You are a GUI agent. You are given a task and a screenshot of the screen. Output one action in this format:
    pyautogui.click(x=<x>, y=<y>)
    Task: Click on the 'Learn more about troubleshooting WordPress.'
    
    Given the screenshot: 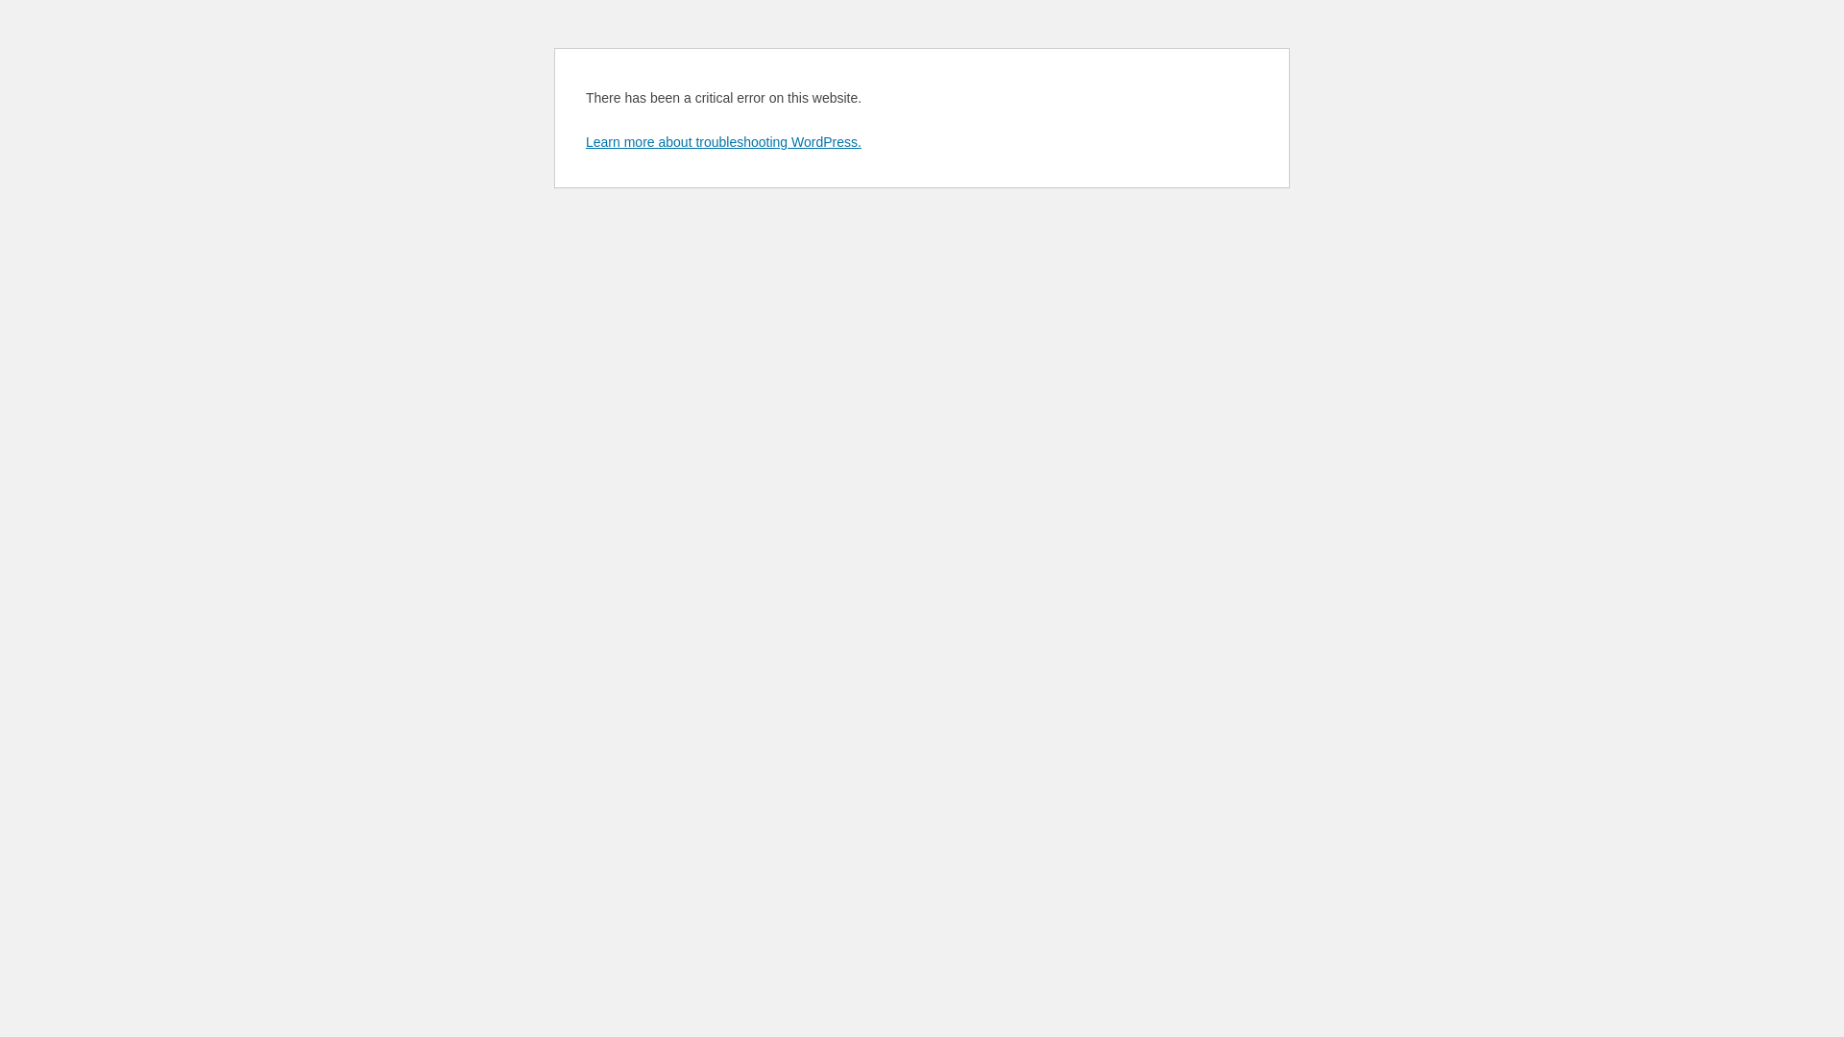 What is the action you would take?
    pyautogui.click(x=722, y=140)
    